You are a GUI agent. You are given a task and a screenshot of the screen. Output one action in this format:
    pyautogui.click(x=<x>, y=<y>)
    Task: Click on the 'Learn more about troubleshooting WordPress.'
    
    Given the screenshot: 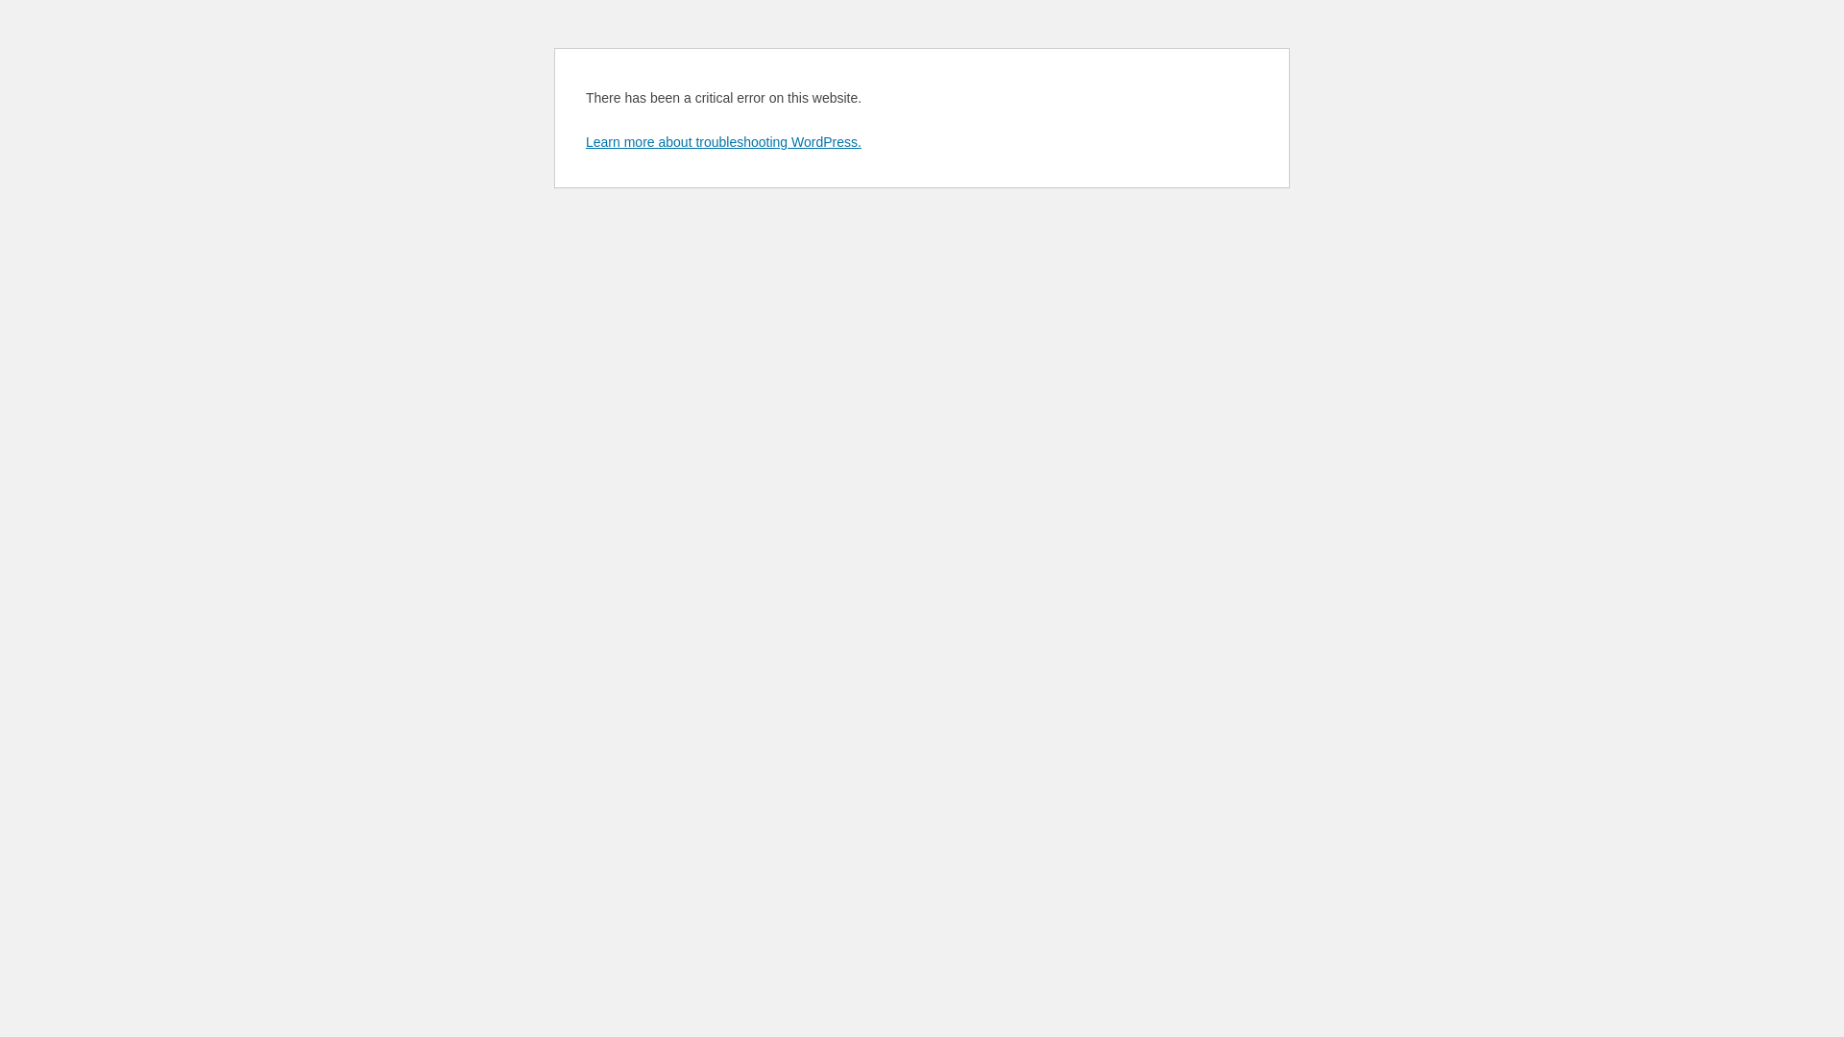 What is the action you would take?
    pyautogui.click(x=722, y=140)
    